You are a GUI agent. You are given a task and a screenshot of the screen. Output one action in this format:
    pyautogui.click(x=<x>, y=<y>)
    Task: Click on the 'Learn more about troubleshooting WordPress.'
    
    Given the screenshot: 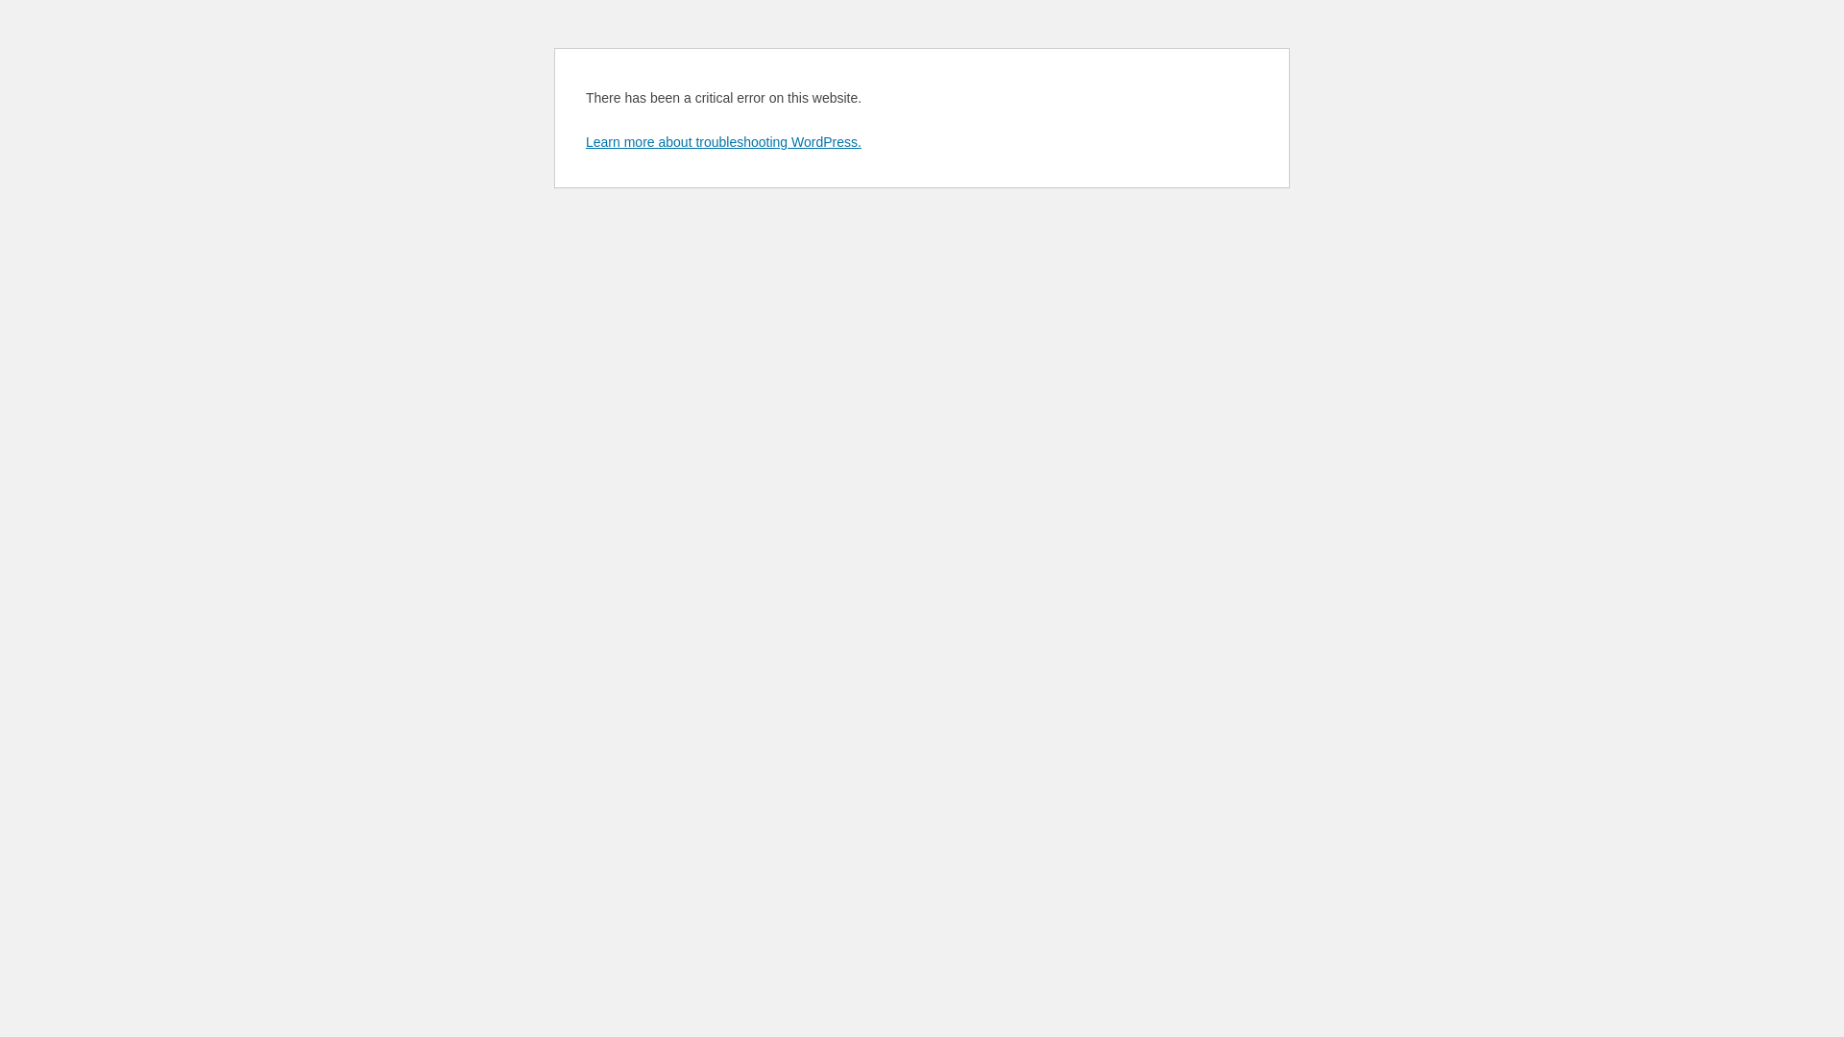 What is the action you would take?
    pyautogui.click(x=722, y=140)
    